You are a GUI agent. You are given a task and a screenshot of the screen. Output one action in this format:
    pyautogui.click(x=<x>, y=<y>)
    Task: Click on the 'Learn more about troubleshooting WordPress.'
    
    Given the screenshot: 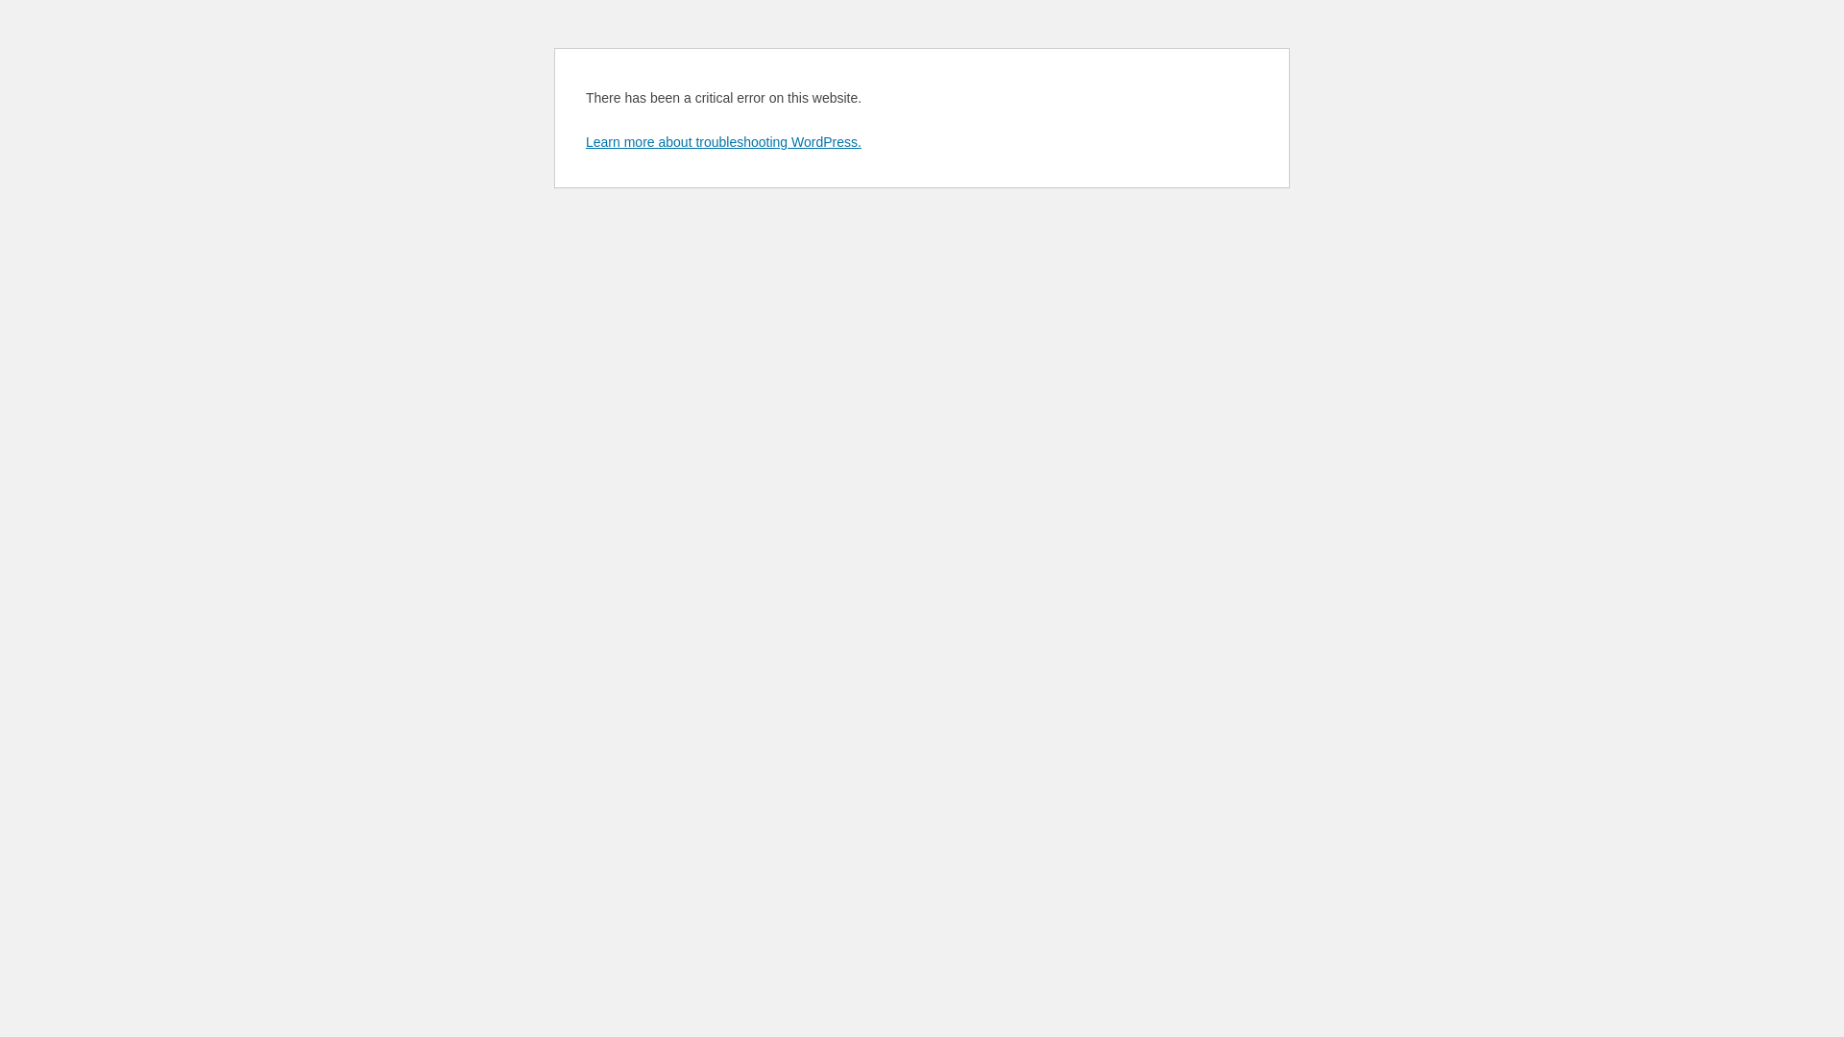 What is the action you would take?
    pyautogui.click(x=722, y=140)
    